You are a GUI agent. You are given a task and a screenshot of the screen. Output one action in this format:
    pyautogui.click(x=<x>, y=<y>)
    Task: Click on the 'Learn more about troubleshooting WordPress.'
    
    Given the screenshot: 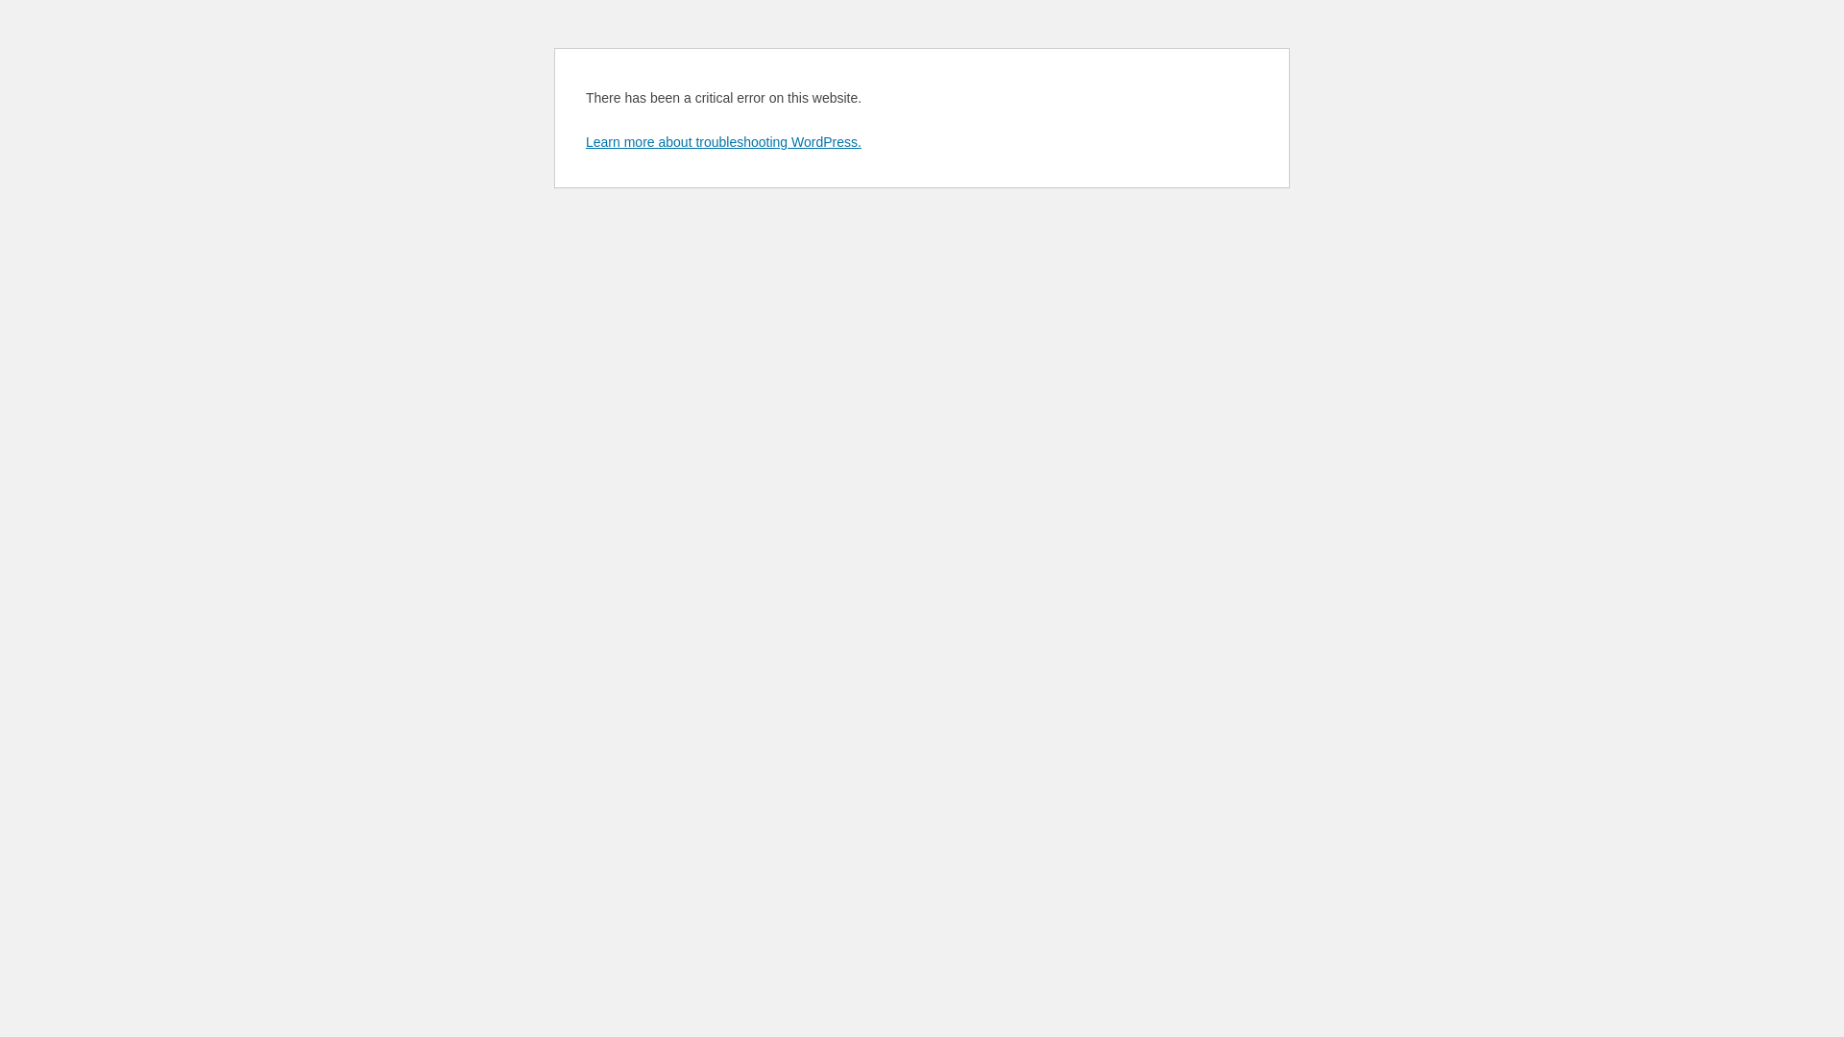 What is the action you would take?
    pyautogui.click(x=722, y=140)
    